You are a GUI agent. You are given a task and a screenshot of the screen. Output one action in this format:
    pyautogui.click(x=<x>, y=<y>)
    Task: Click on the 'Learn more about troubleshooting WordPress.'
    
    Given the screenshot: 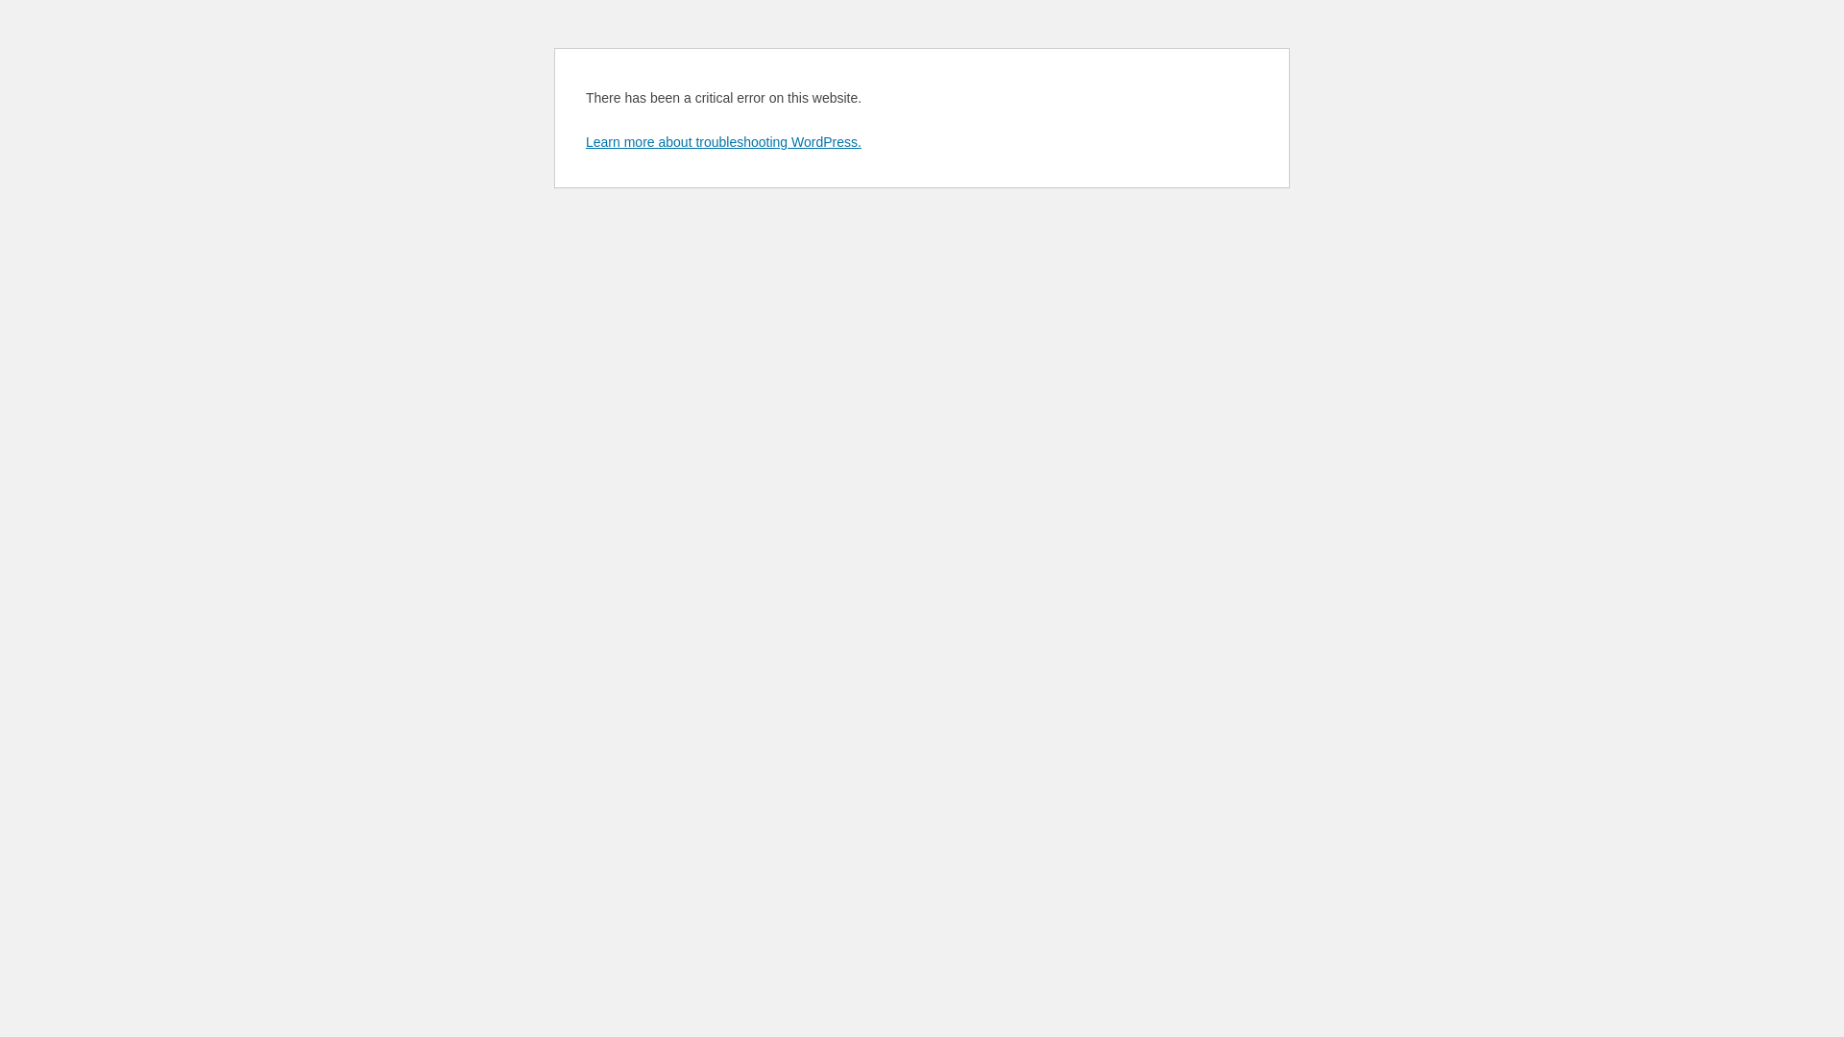 What is the action you would take?
    pyautogui.click(x=722, y=140)
    